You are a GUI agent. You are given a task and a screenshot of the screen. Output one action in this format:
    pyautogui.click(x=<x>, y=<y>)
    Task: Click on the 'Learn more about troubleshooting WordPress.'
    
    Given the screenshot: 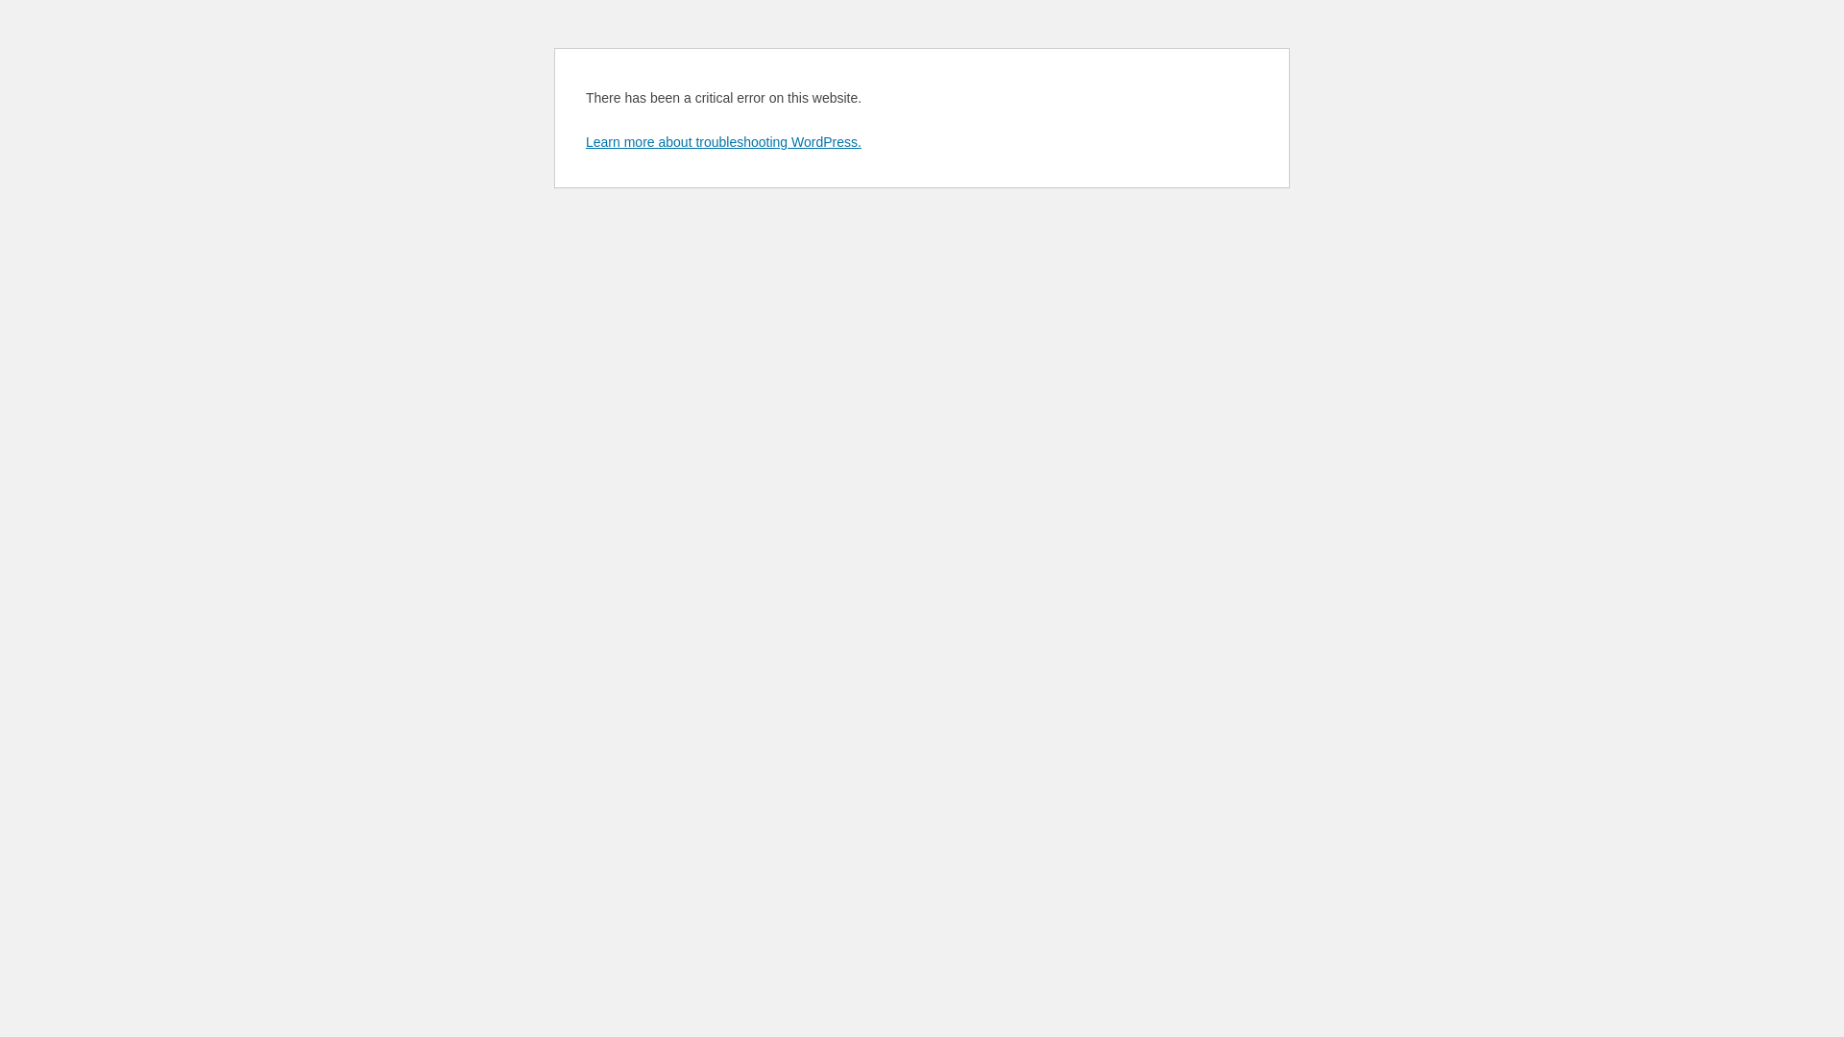 What is the action you would take?
    pyautogui.click(x=722, y=140)
    